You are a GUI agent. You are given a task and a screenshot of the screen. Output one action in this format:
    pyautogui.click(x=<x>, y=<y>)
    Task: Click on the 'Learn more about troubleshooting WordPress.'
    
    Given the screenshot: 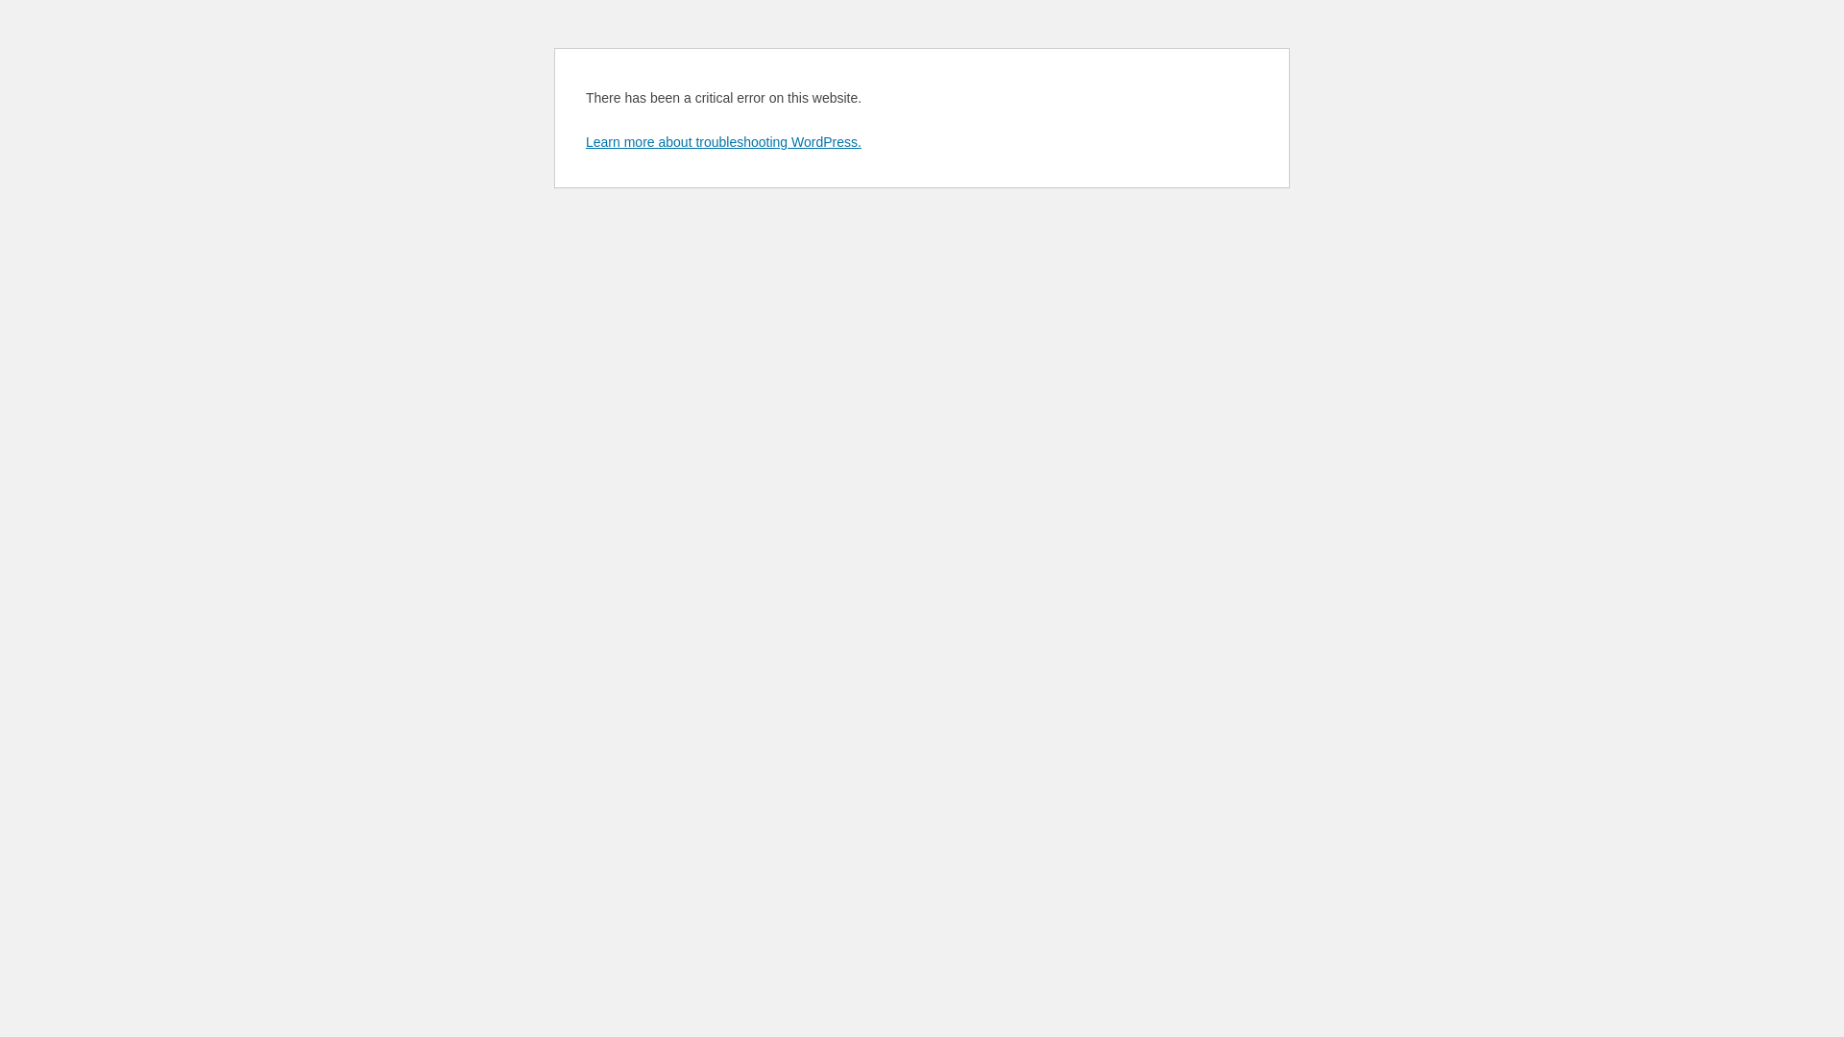 What is the action you would take?
    pyautogui.click(x=722, y=140)
    